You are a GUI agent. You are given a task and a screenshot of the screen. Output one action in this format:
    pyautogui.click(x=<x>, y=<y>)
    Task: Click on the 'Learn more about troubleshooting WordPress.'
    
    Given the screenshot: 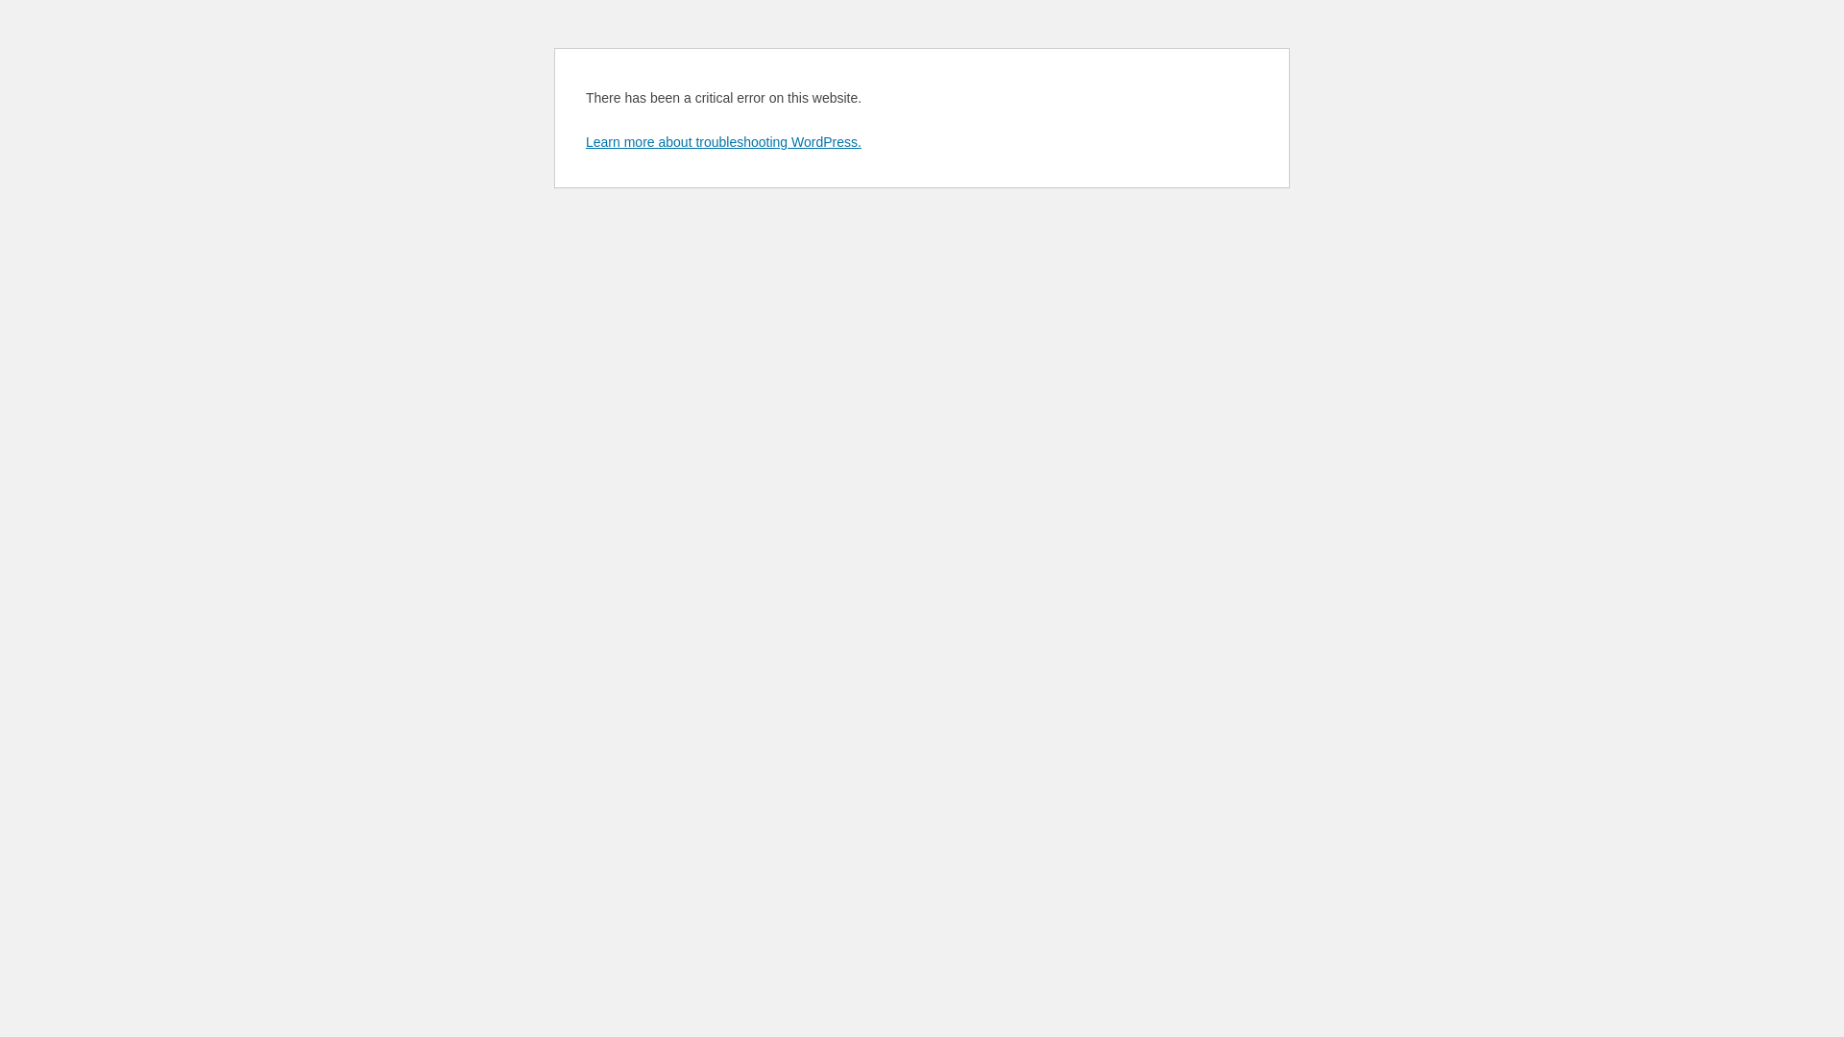 What is the action you would take?
    pyautogui.click(x=722, y=140)
    